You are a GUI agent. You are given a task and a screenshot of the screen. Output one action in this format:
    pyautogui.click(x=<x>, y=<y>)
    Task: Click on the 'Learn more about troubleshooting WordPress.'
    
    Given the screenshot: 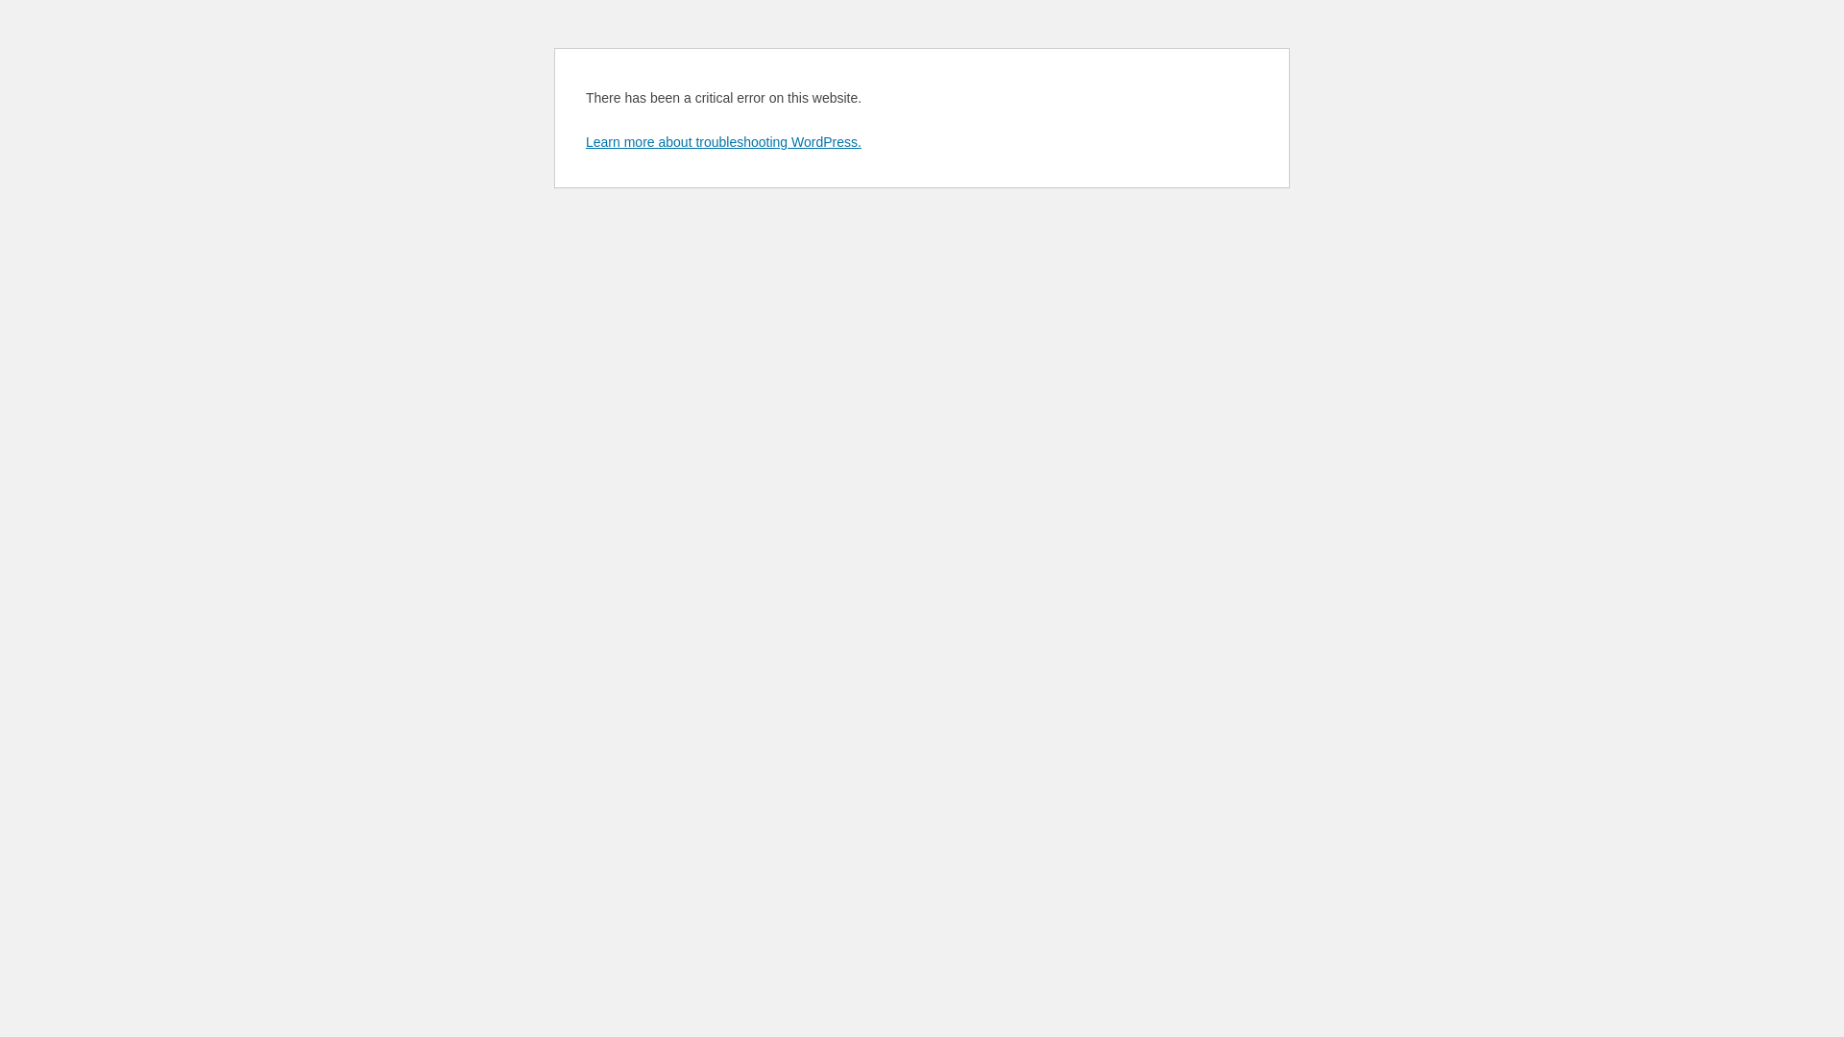 What is the action you would take?
    pyautogui.click(x=722, y=140)
    